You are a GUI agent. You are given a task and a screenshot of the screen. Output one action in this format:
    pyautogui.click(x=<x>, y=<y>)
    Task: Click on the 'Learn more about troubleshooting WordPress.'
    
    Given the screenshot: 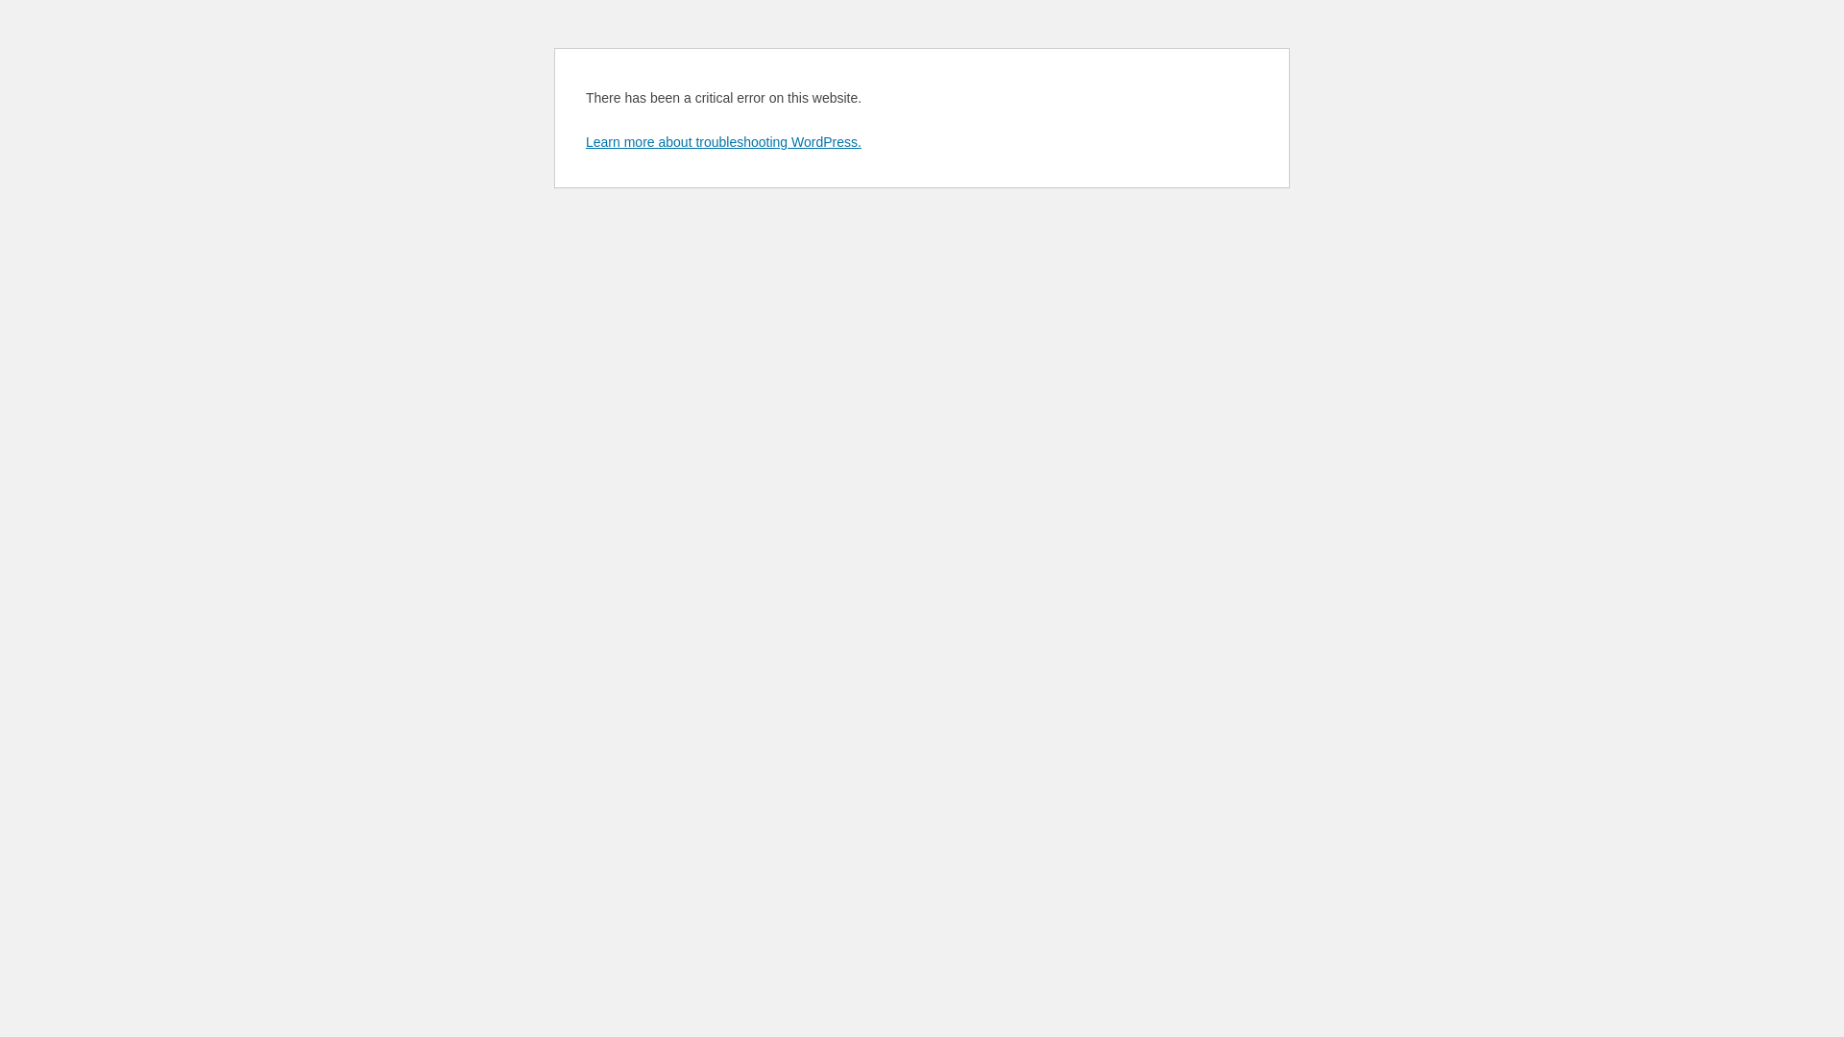 What is the action you would take?
    pyautogui.click(x=722, y=140)
    